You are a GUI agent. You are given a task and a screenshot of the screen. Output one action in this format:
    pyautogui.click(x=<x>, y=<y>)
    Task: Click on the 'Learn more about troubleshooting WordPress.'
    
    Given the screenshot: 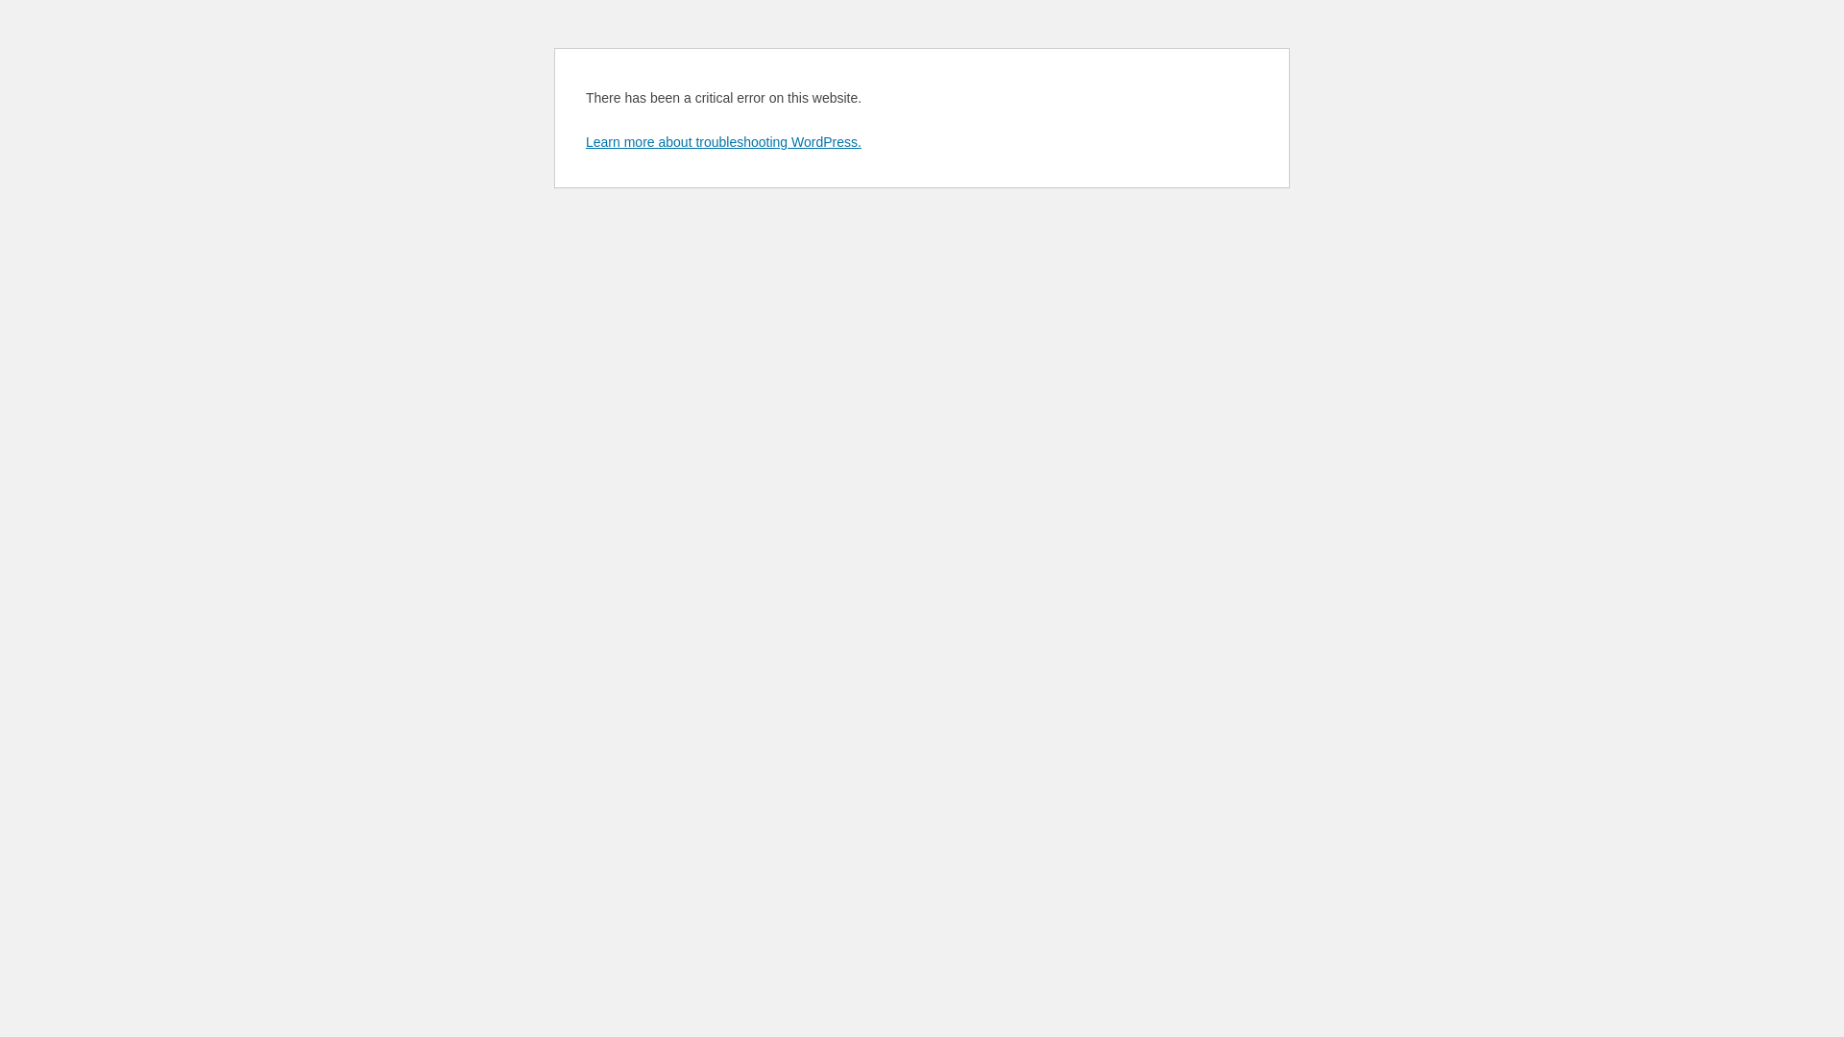 What is the action you would take?
    pyautogui.click(x=722, y=140)
    